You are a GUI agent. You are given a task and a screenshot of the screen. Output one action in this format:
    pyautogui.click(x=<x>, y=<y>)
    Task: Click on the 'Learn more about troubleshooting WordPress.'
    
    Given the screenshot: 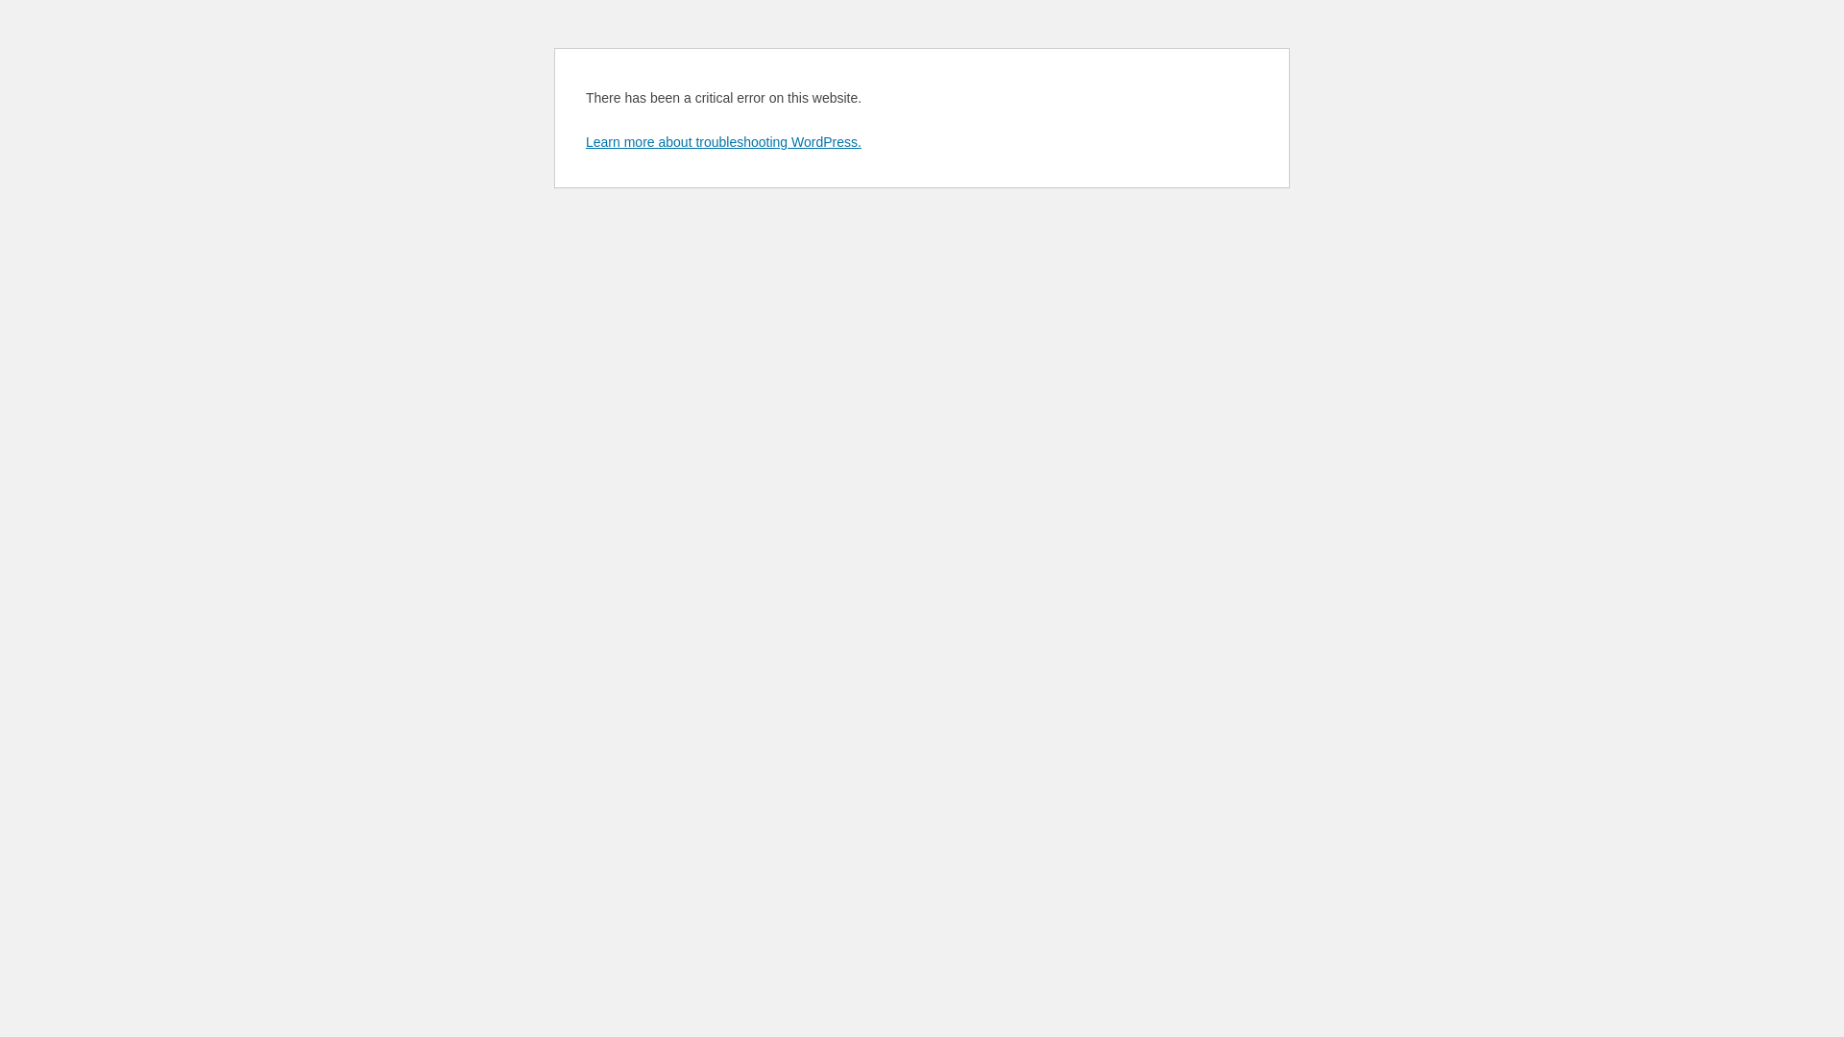 What is the action you would take?
    pyautogui.click(x=722, y=140)
    